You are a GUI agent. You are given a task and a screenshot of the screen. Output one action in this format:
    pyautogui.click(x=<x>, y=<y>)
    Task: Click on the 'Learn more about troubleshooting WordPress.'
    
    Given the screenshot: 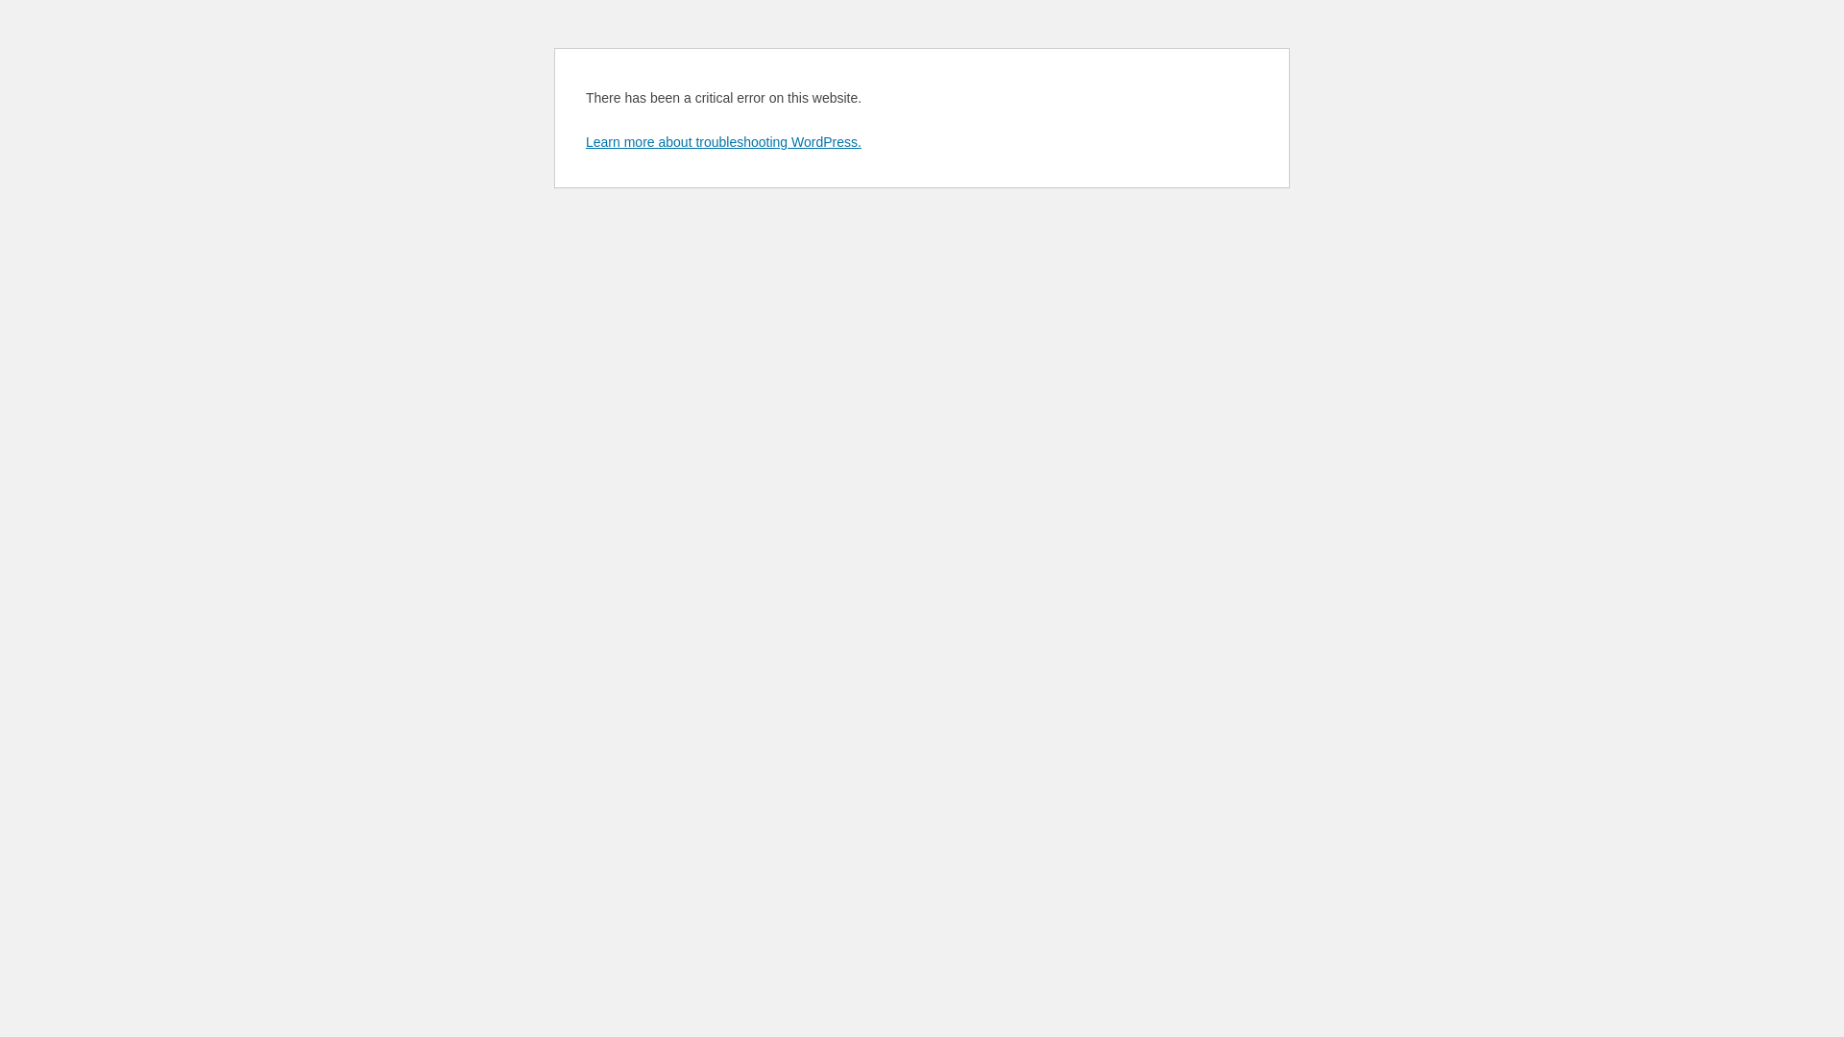 What is the action you would take?
    pyautogui.click(x=722, y=140)
    